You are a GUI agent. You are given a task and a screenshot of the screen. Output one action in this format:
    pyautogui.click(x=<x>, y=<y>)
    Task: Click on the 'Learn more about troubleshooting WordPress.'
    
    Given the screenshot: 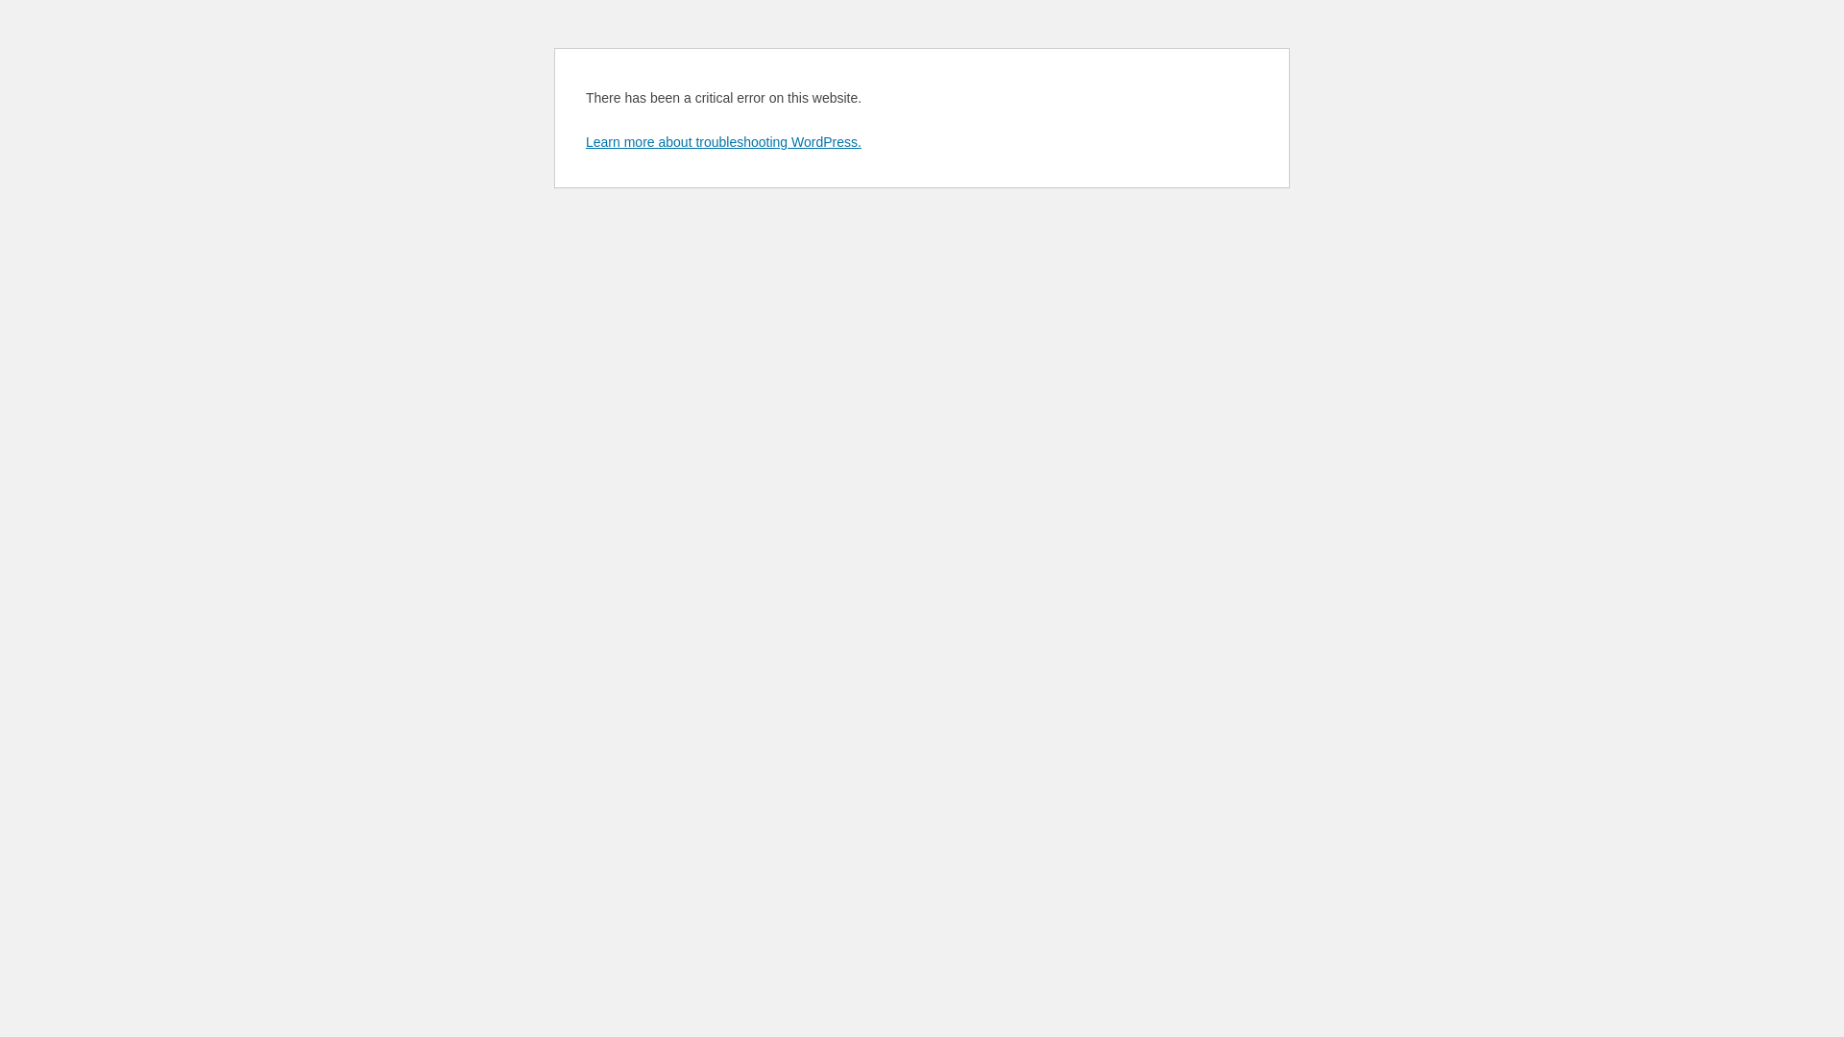 What is the action you would take?
    pyautogui.click(x=722, y=140)
    